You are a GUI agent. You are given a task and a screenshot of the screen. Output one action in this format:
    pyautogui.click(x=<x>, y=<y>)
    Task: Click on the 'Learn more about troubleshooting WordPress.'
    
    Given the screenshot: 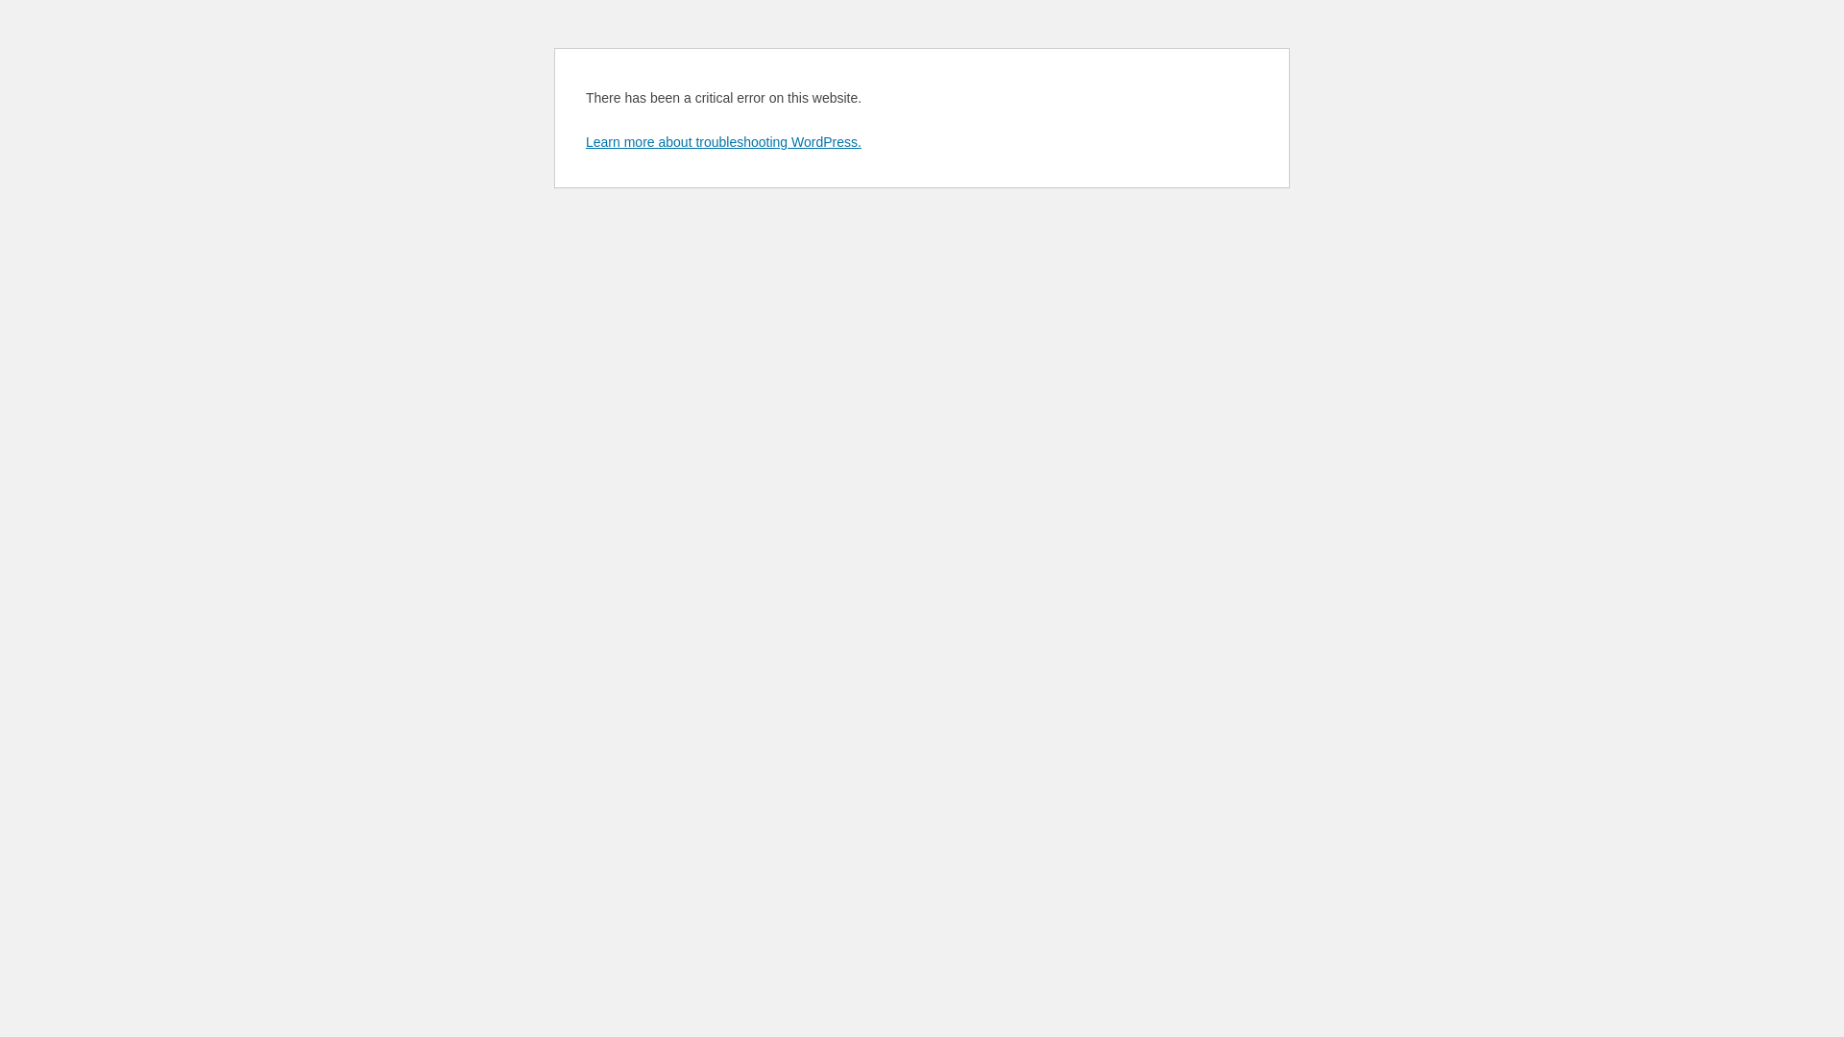 What is the action you would take?
    pyautogui.click(x=722, y=140)
    